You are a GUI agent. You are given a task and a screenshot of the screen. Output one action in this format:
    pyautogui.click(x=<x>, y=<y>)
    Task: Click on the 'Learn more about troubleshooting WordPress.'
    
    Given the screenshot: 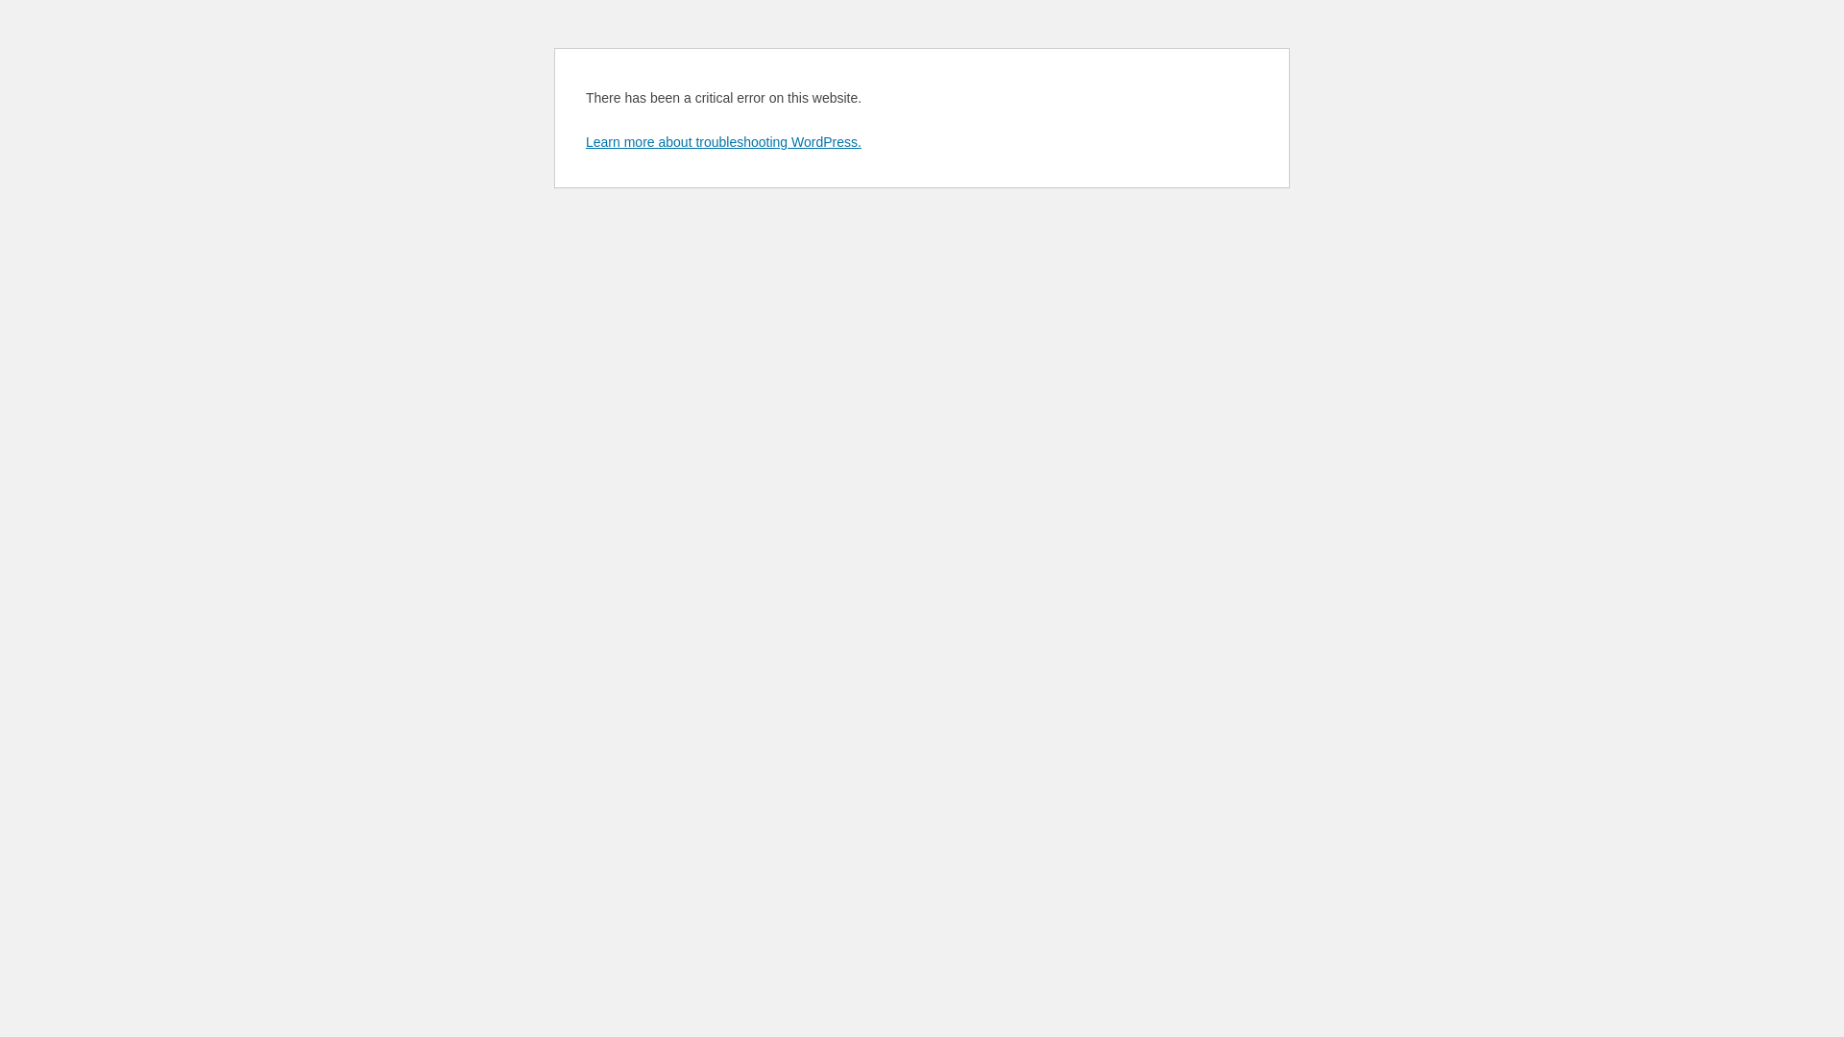 What is the action you would take?
    pyautogui.click(x=722, y=140)
    